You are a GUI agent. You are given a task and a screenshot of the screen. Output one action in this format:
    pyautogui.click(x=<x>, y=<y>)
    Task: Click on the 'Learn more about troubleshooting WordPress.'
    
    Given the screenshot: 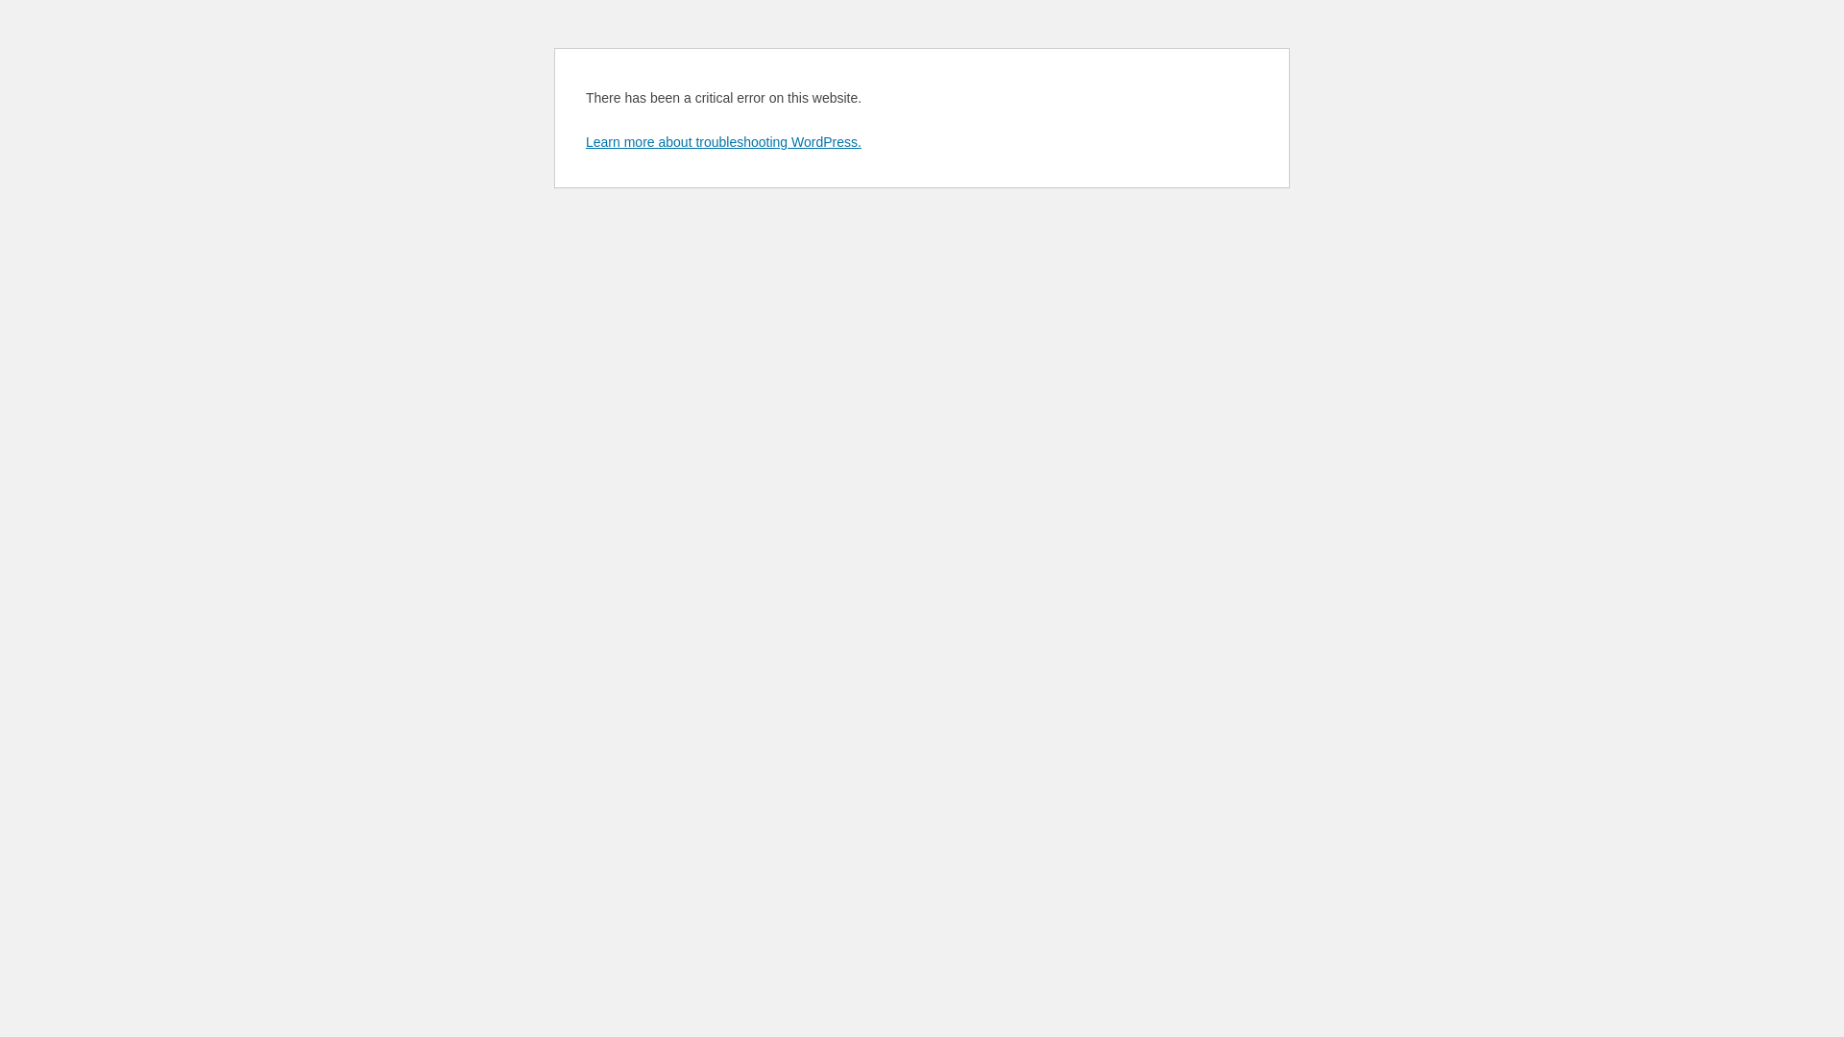 What is the action you would take?
    pyautogui.click(x=722, y=140)
    